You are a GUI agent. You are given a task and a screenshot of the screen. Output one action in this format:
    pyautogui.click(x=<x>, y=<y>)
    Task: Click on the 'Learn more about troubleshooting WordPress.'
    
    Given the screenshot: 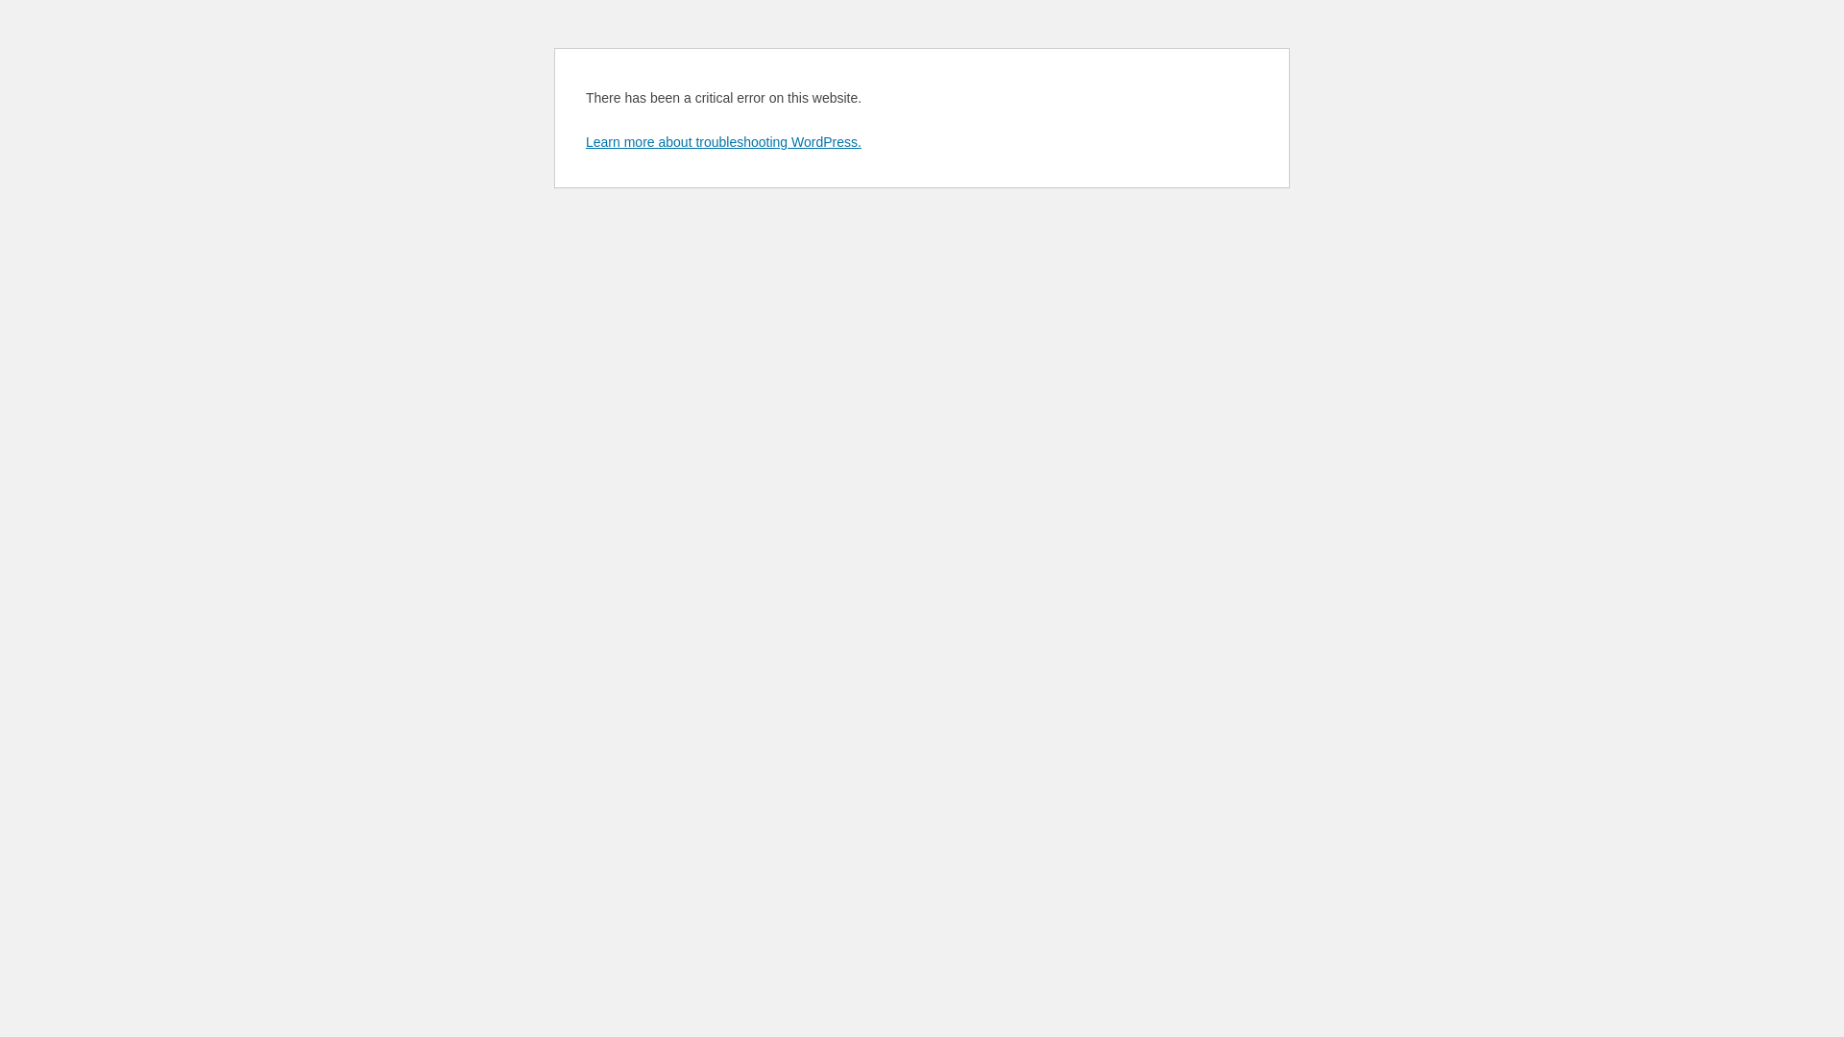 What is the action you would take?
    pyautogui.click(x=722, y=140)
    